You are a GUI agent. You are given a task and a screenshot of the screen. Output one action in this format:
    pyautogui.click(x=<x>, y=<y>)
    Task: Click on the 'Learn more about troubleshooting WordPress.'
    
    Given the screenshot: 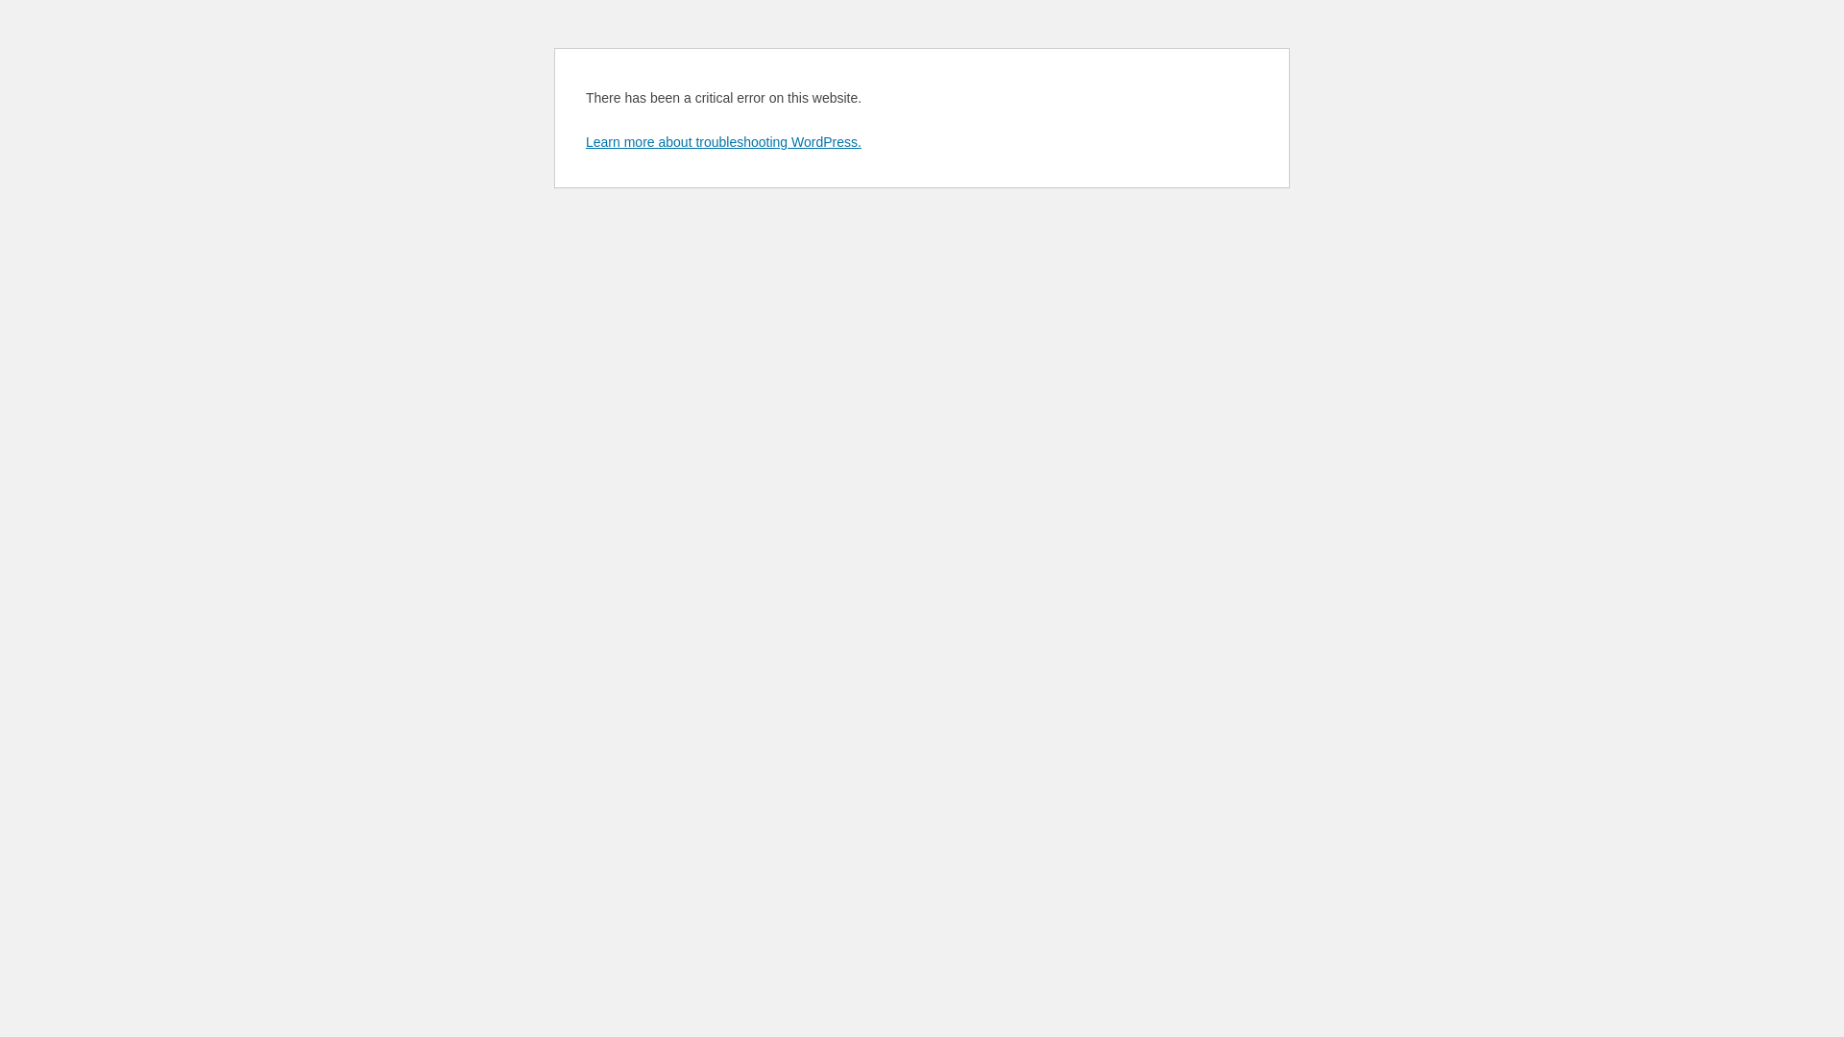 What is the action you would take?
    pyautogui.click(x=722, y=140)
    